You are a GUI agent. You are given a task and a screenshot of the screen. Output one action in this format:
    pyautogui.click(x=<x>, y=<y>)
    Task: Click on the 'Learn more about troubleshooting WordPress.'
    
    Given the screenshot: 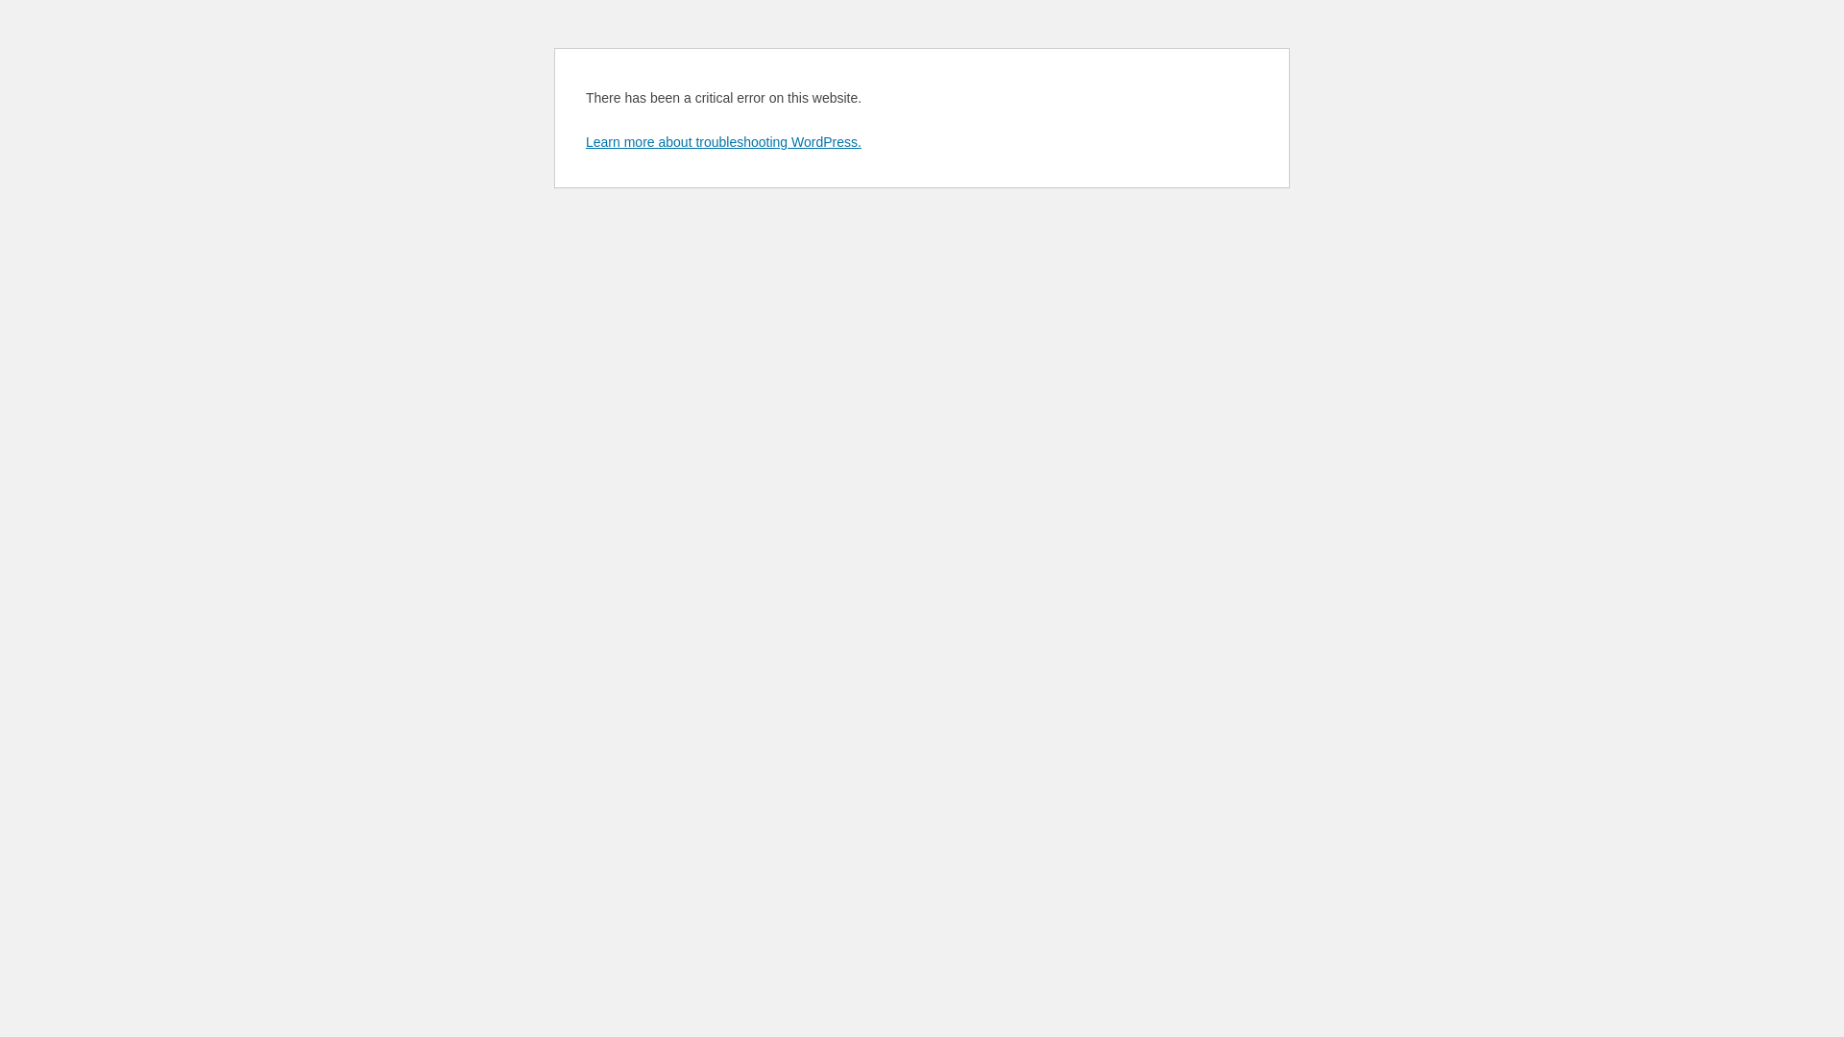 What is the action you would take?
    pyautogui.click(x=722, y=140)
    